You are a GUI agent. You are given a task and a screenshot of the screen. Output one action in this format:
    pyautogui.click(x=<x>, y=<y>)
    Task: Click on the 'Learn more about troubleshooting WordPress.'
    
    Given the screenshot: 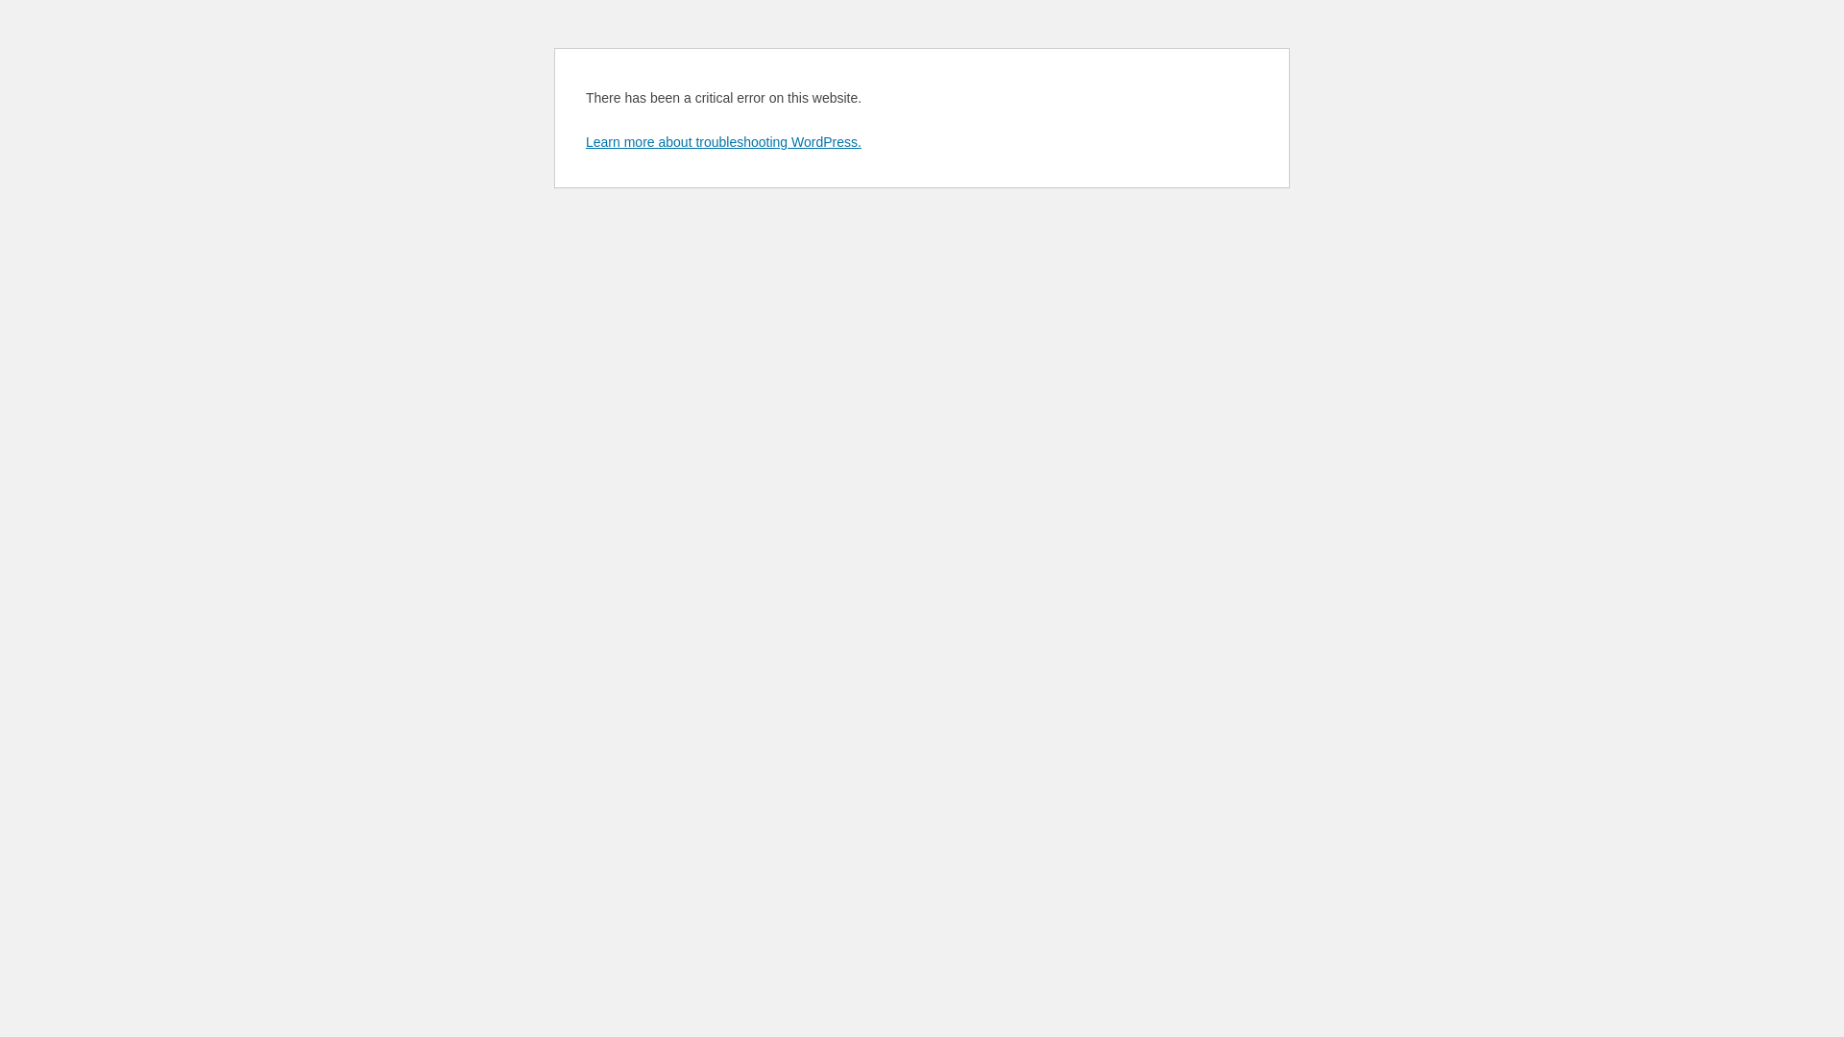 What is the action you would take?
    pyautogui.click(x=722, y=140)
    